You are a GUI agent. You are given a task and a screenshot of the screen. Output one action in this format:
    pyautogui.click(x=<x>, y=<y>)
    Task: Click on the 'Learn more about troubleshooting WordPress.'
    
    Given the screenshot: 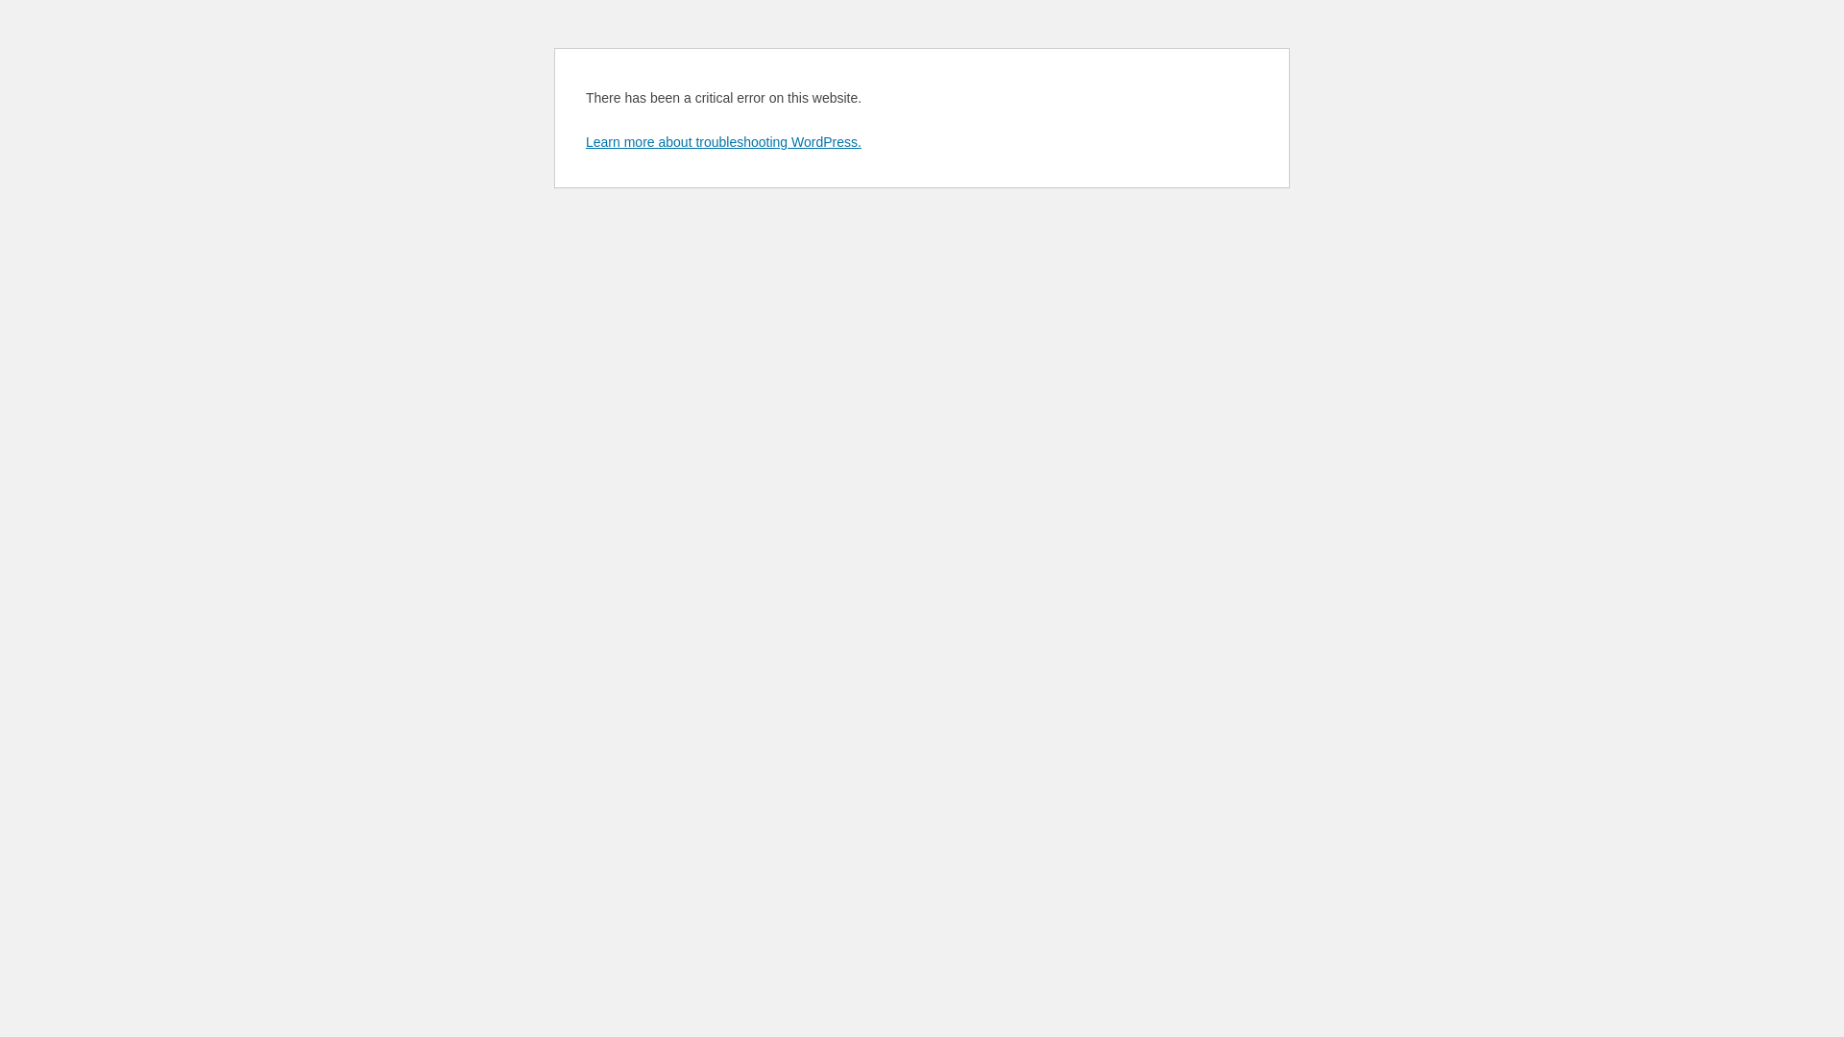 What is the action you would take?
    pyautogui.click(x=722, y=140)
    